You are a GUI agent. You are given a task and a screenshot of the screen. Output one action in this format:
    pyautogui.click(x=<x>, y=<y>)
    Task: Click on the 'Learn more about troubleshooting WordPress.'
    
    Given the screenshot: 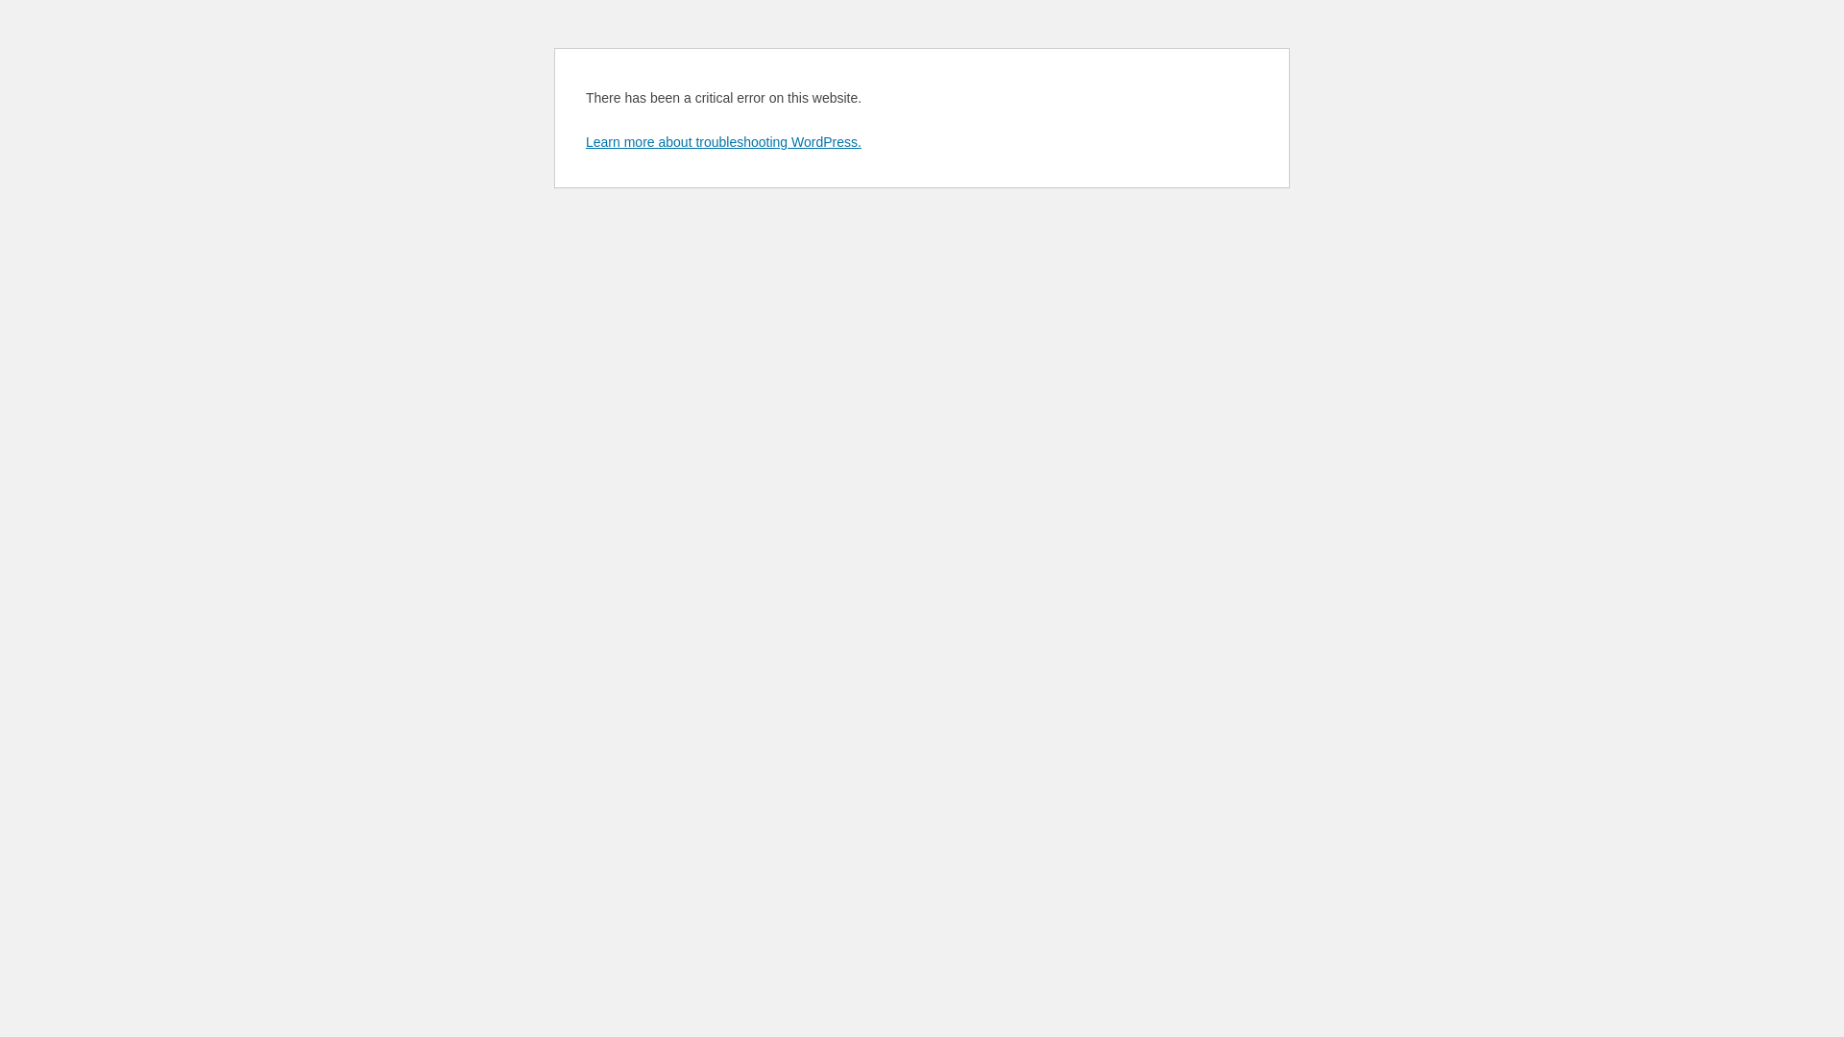 What is the action you would take?
    pyautogui.click(x=722, y=140)
    